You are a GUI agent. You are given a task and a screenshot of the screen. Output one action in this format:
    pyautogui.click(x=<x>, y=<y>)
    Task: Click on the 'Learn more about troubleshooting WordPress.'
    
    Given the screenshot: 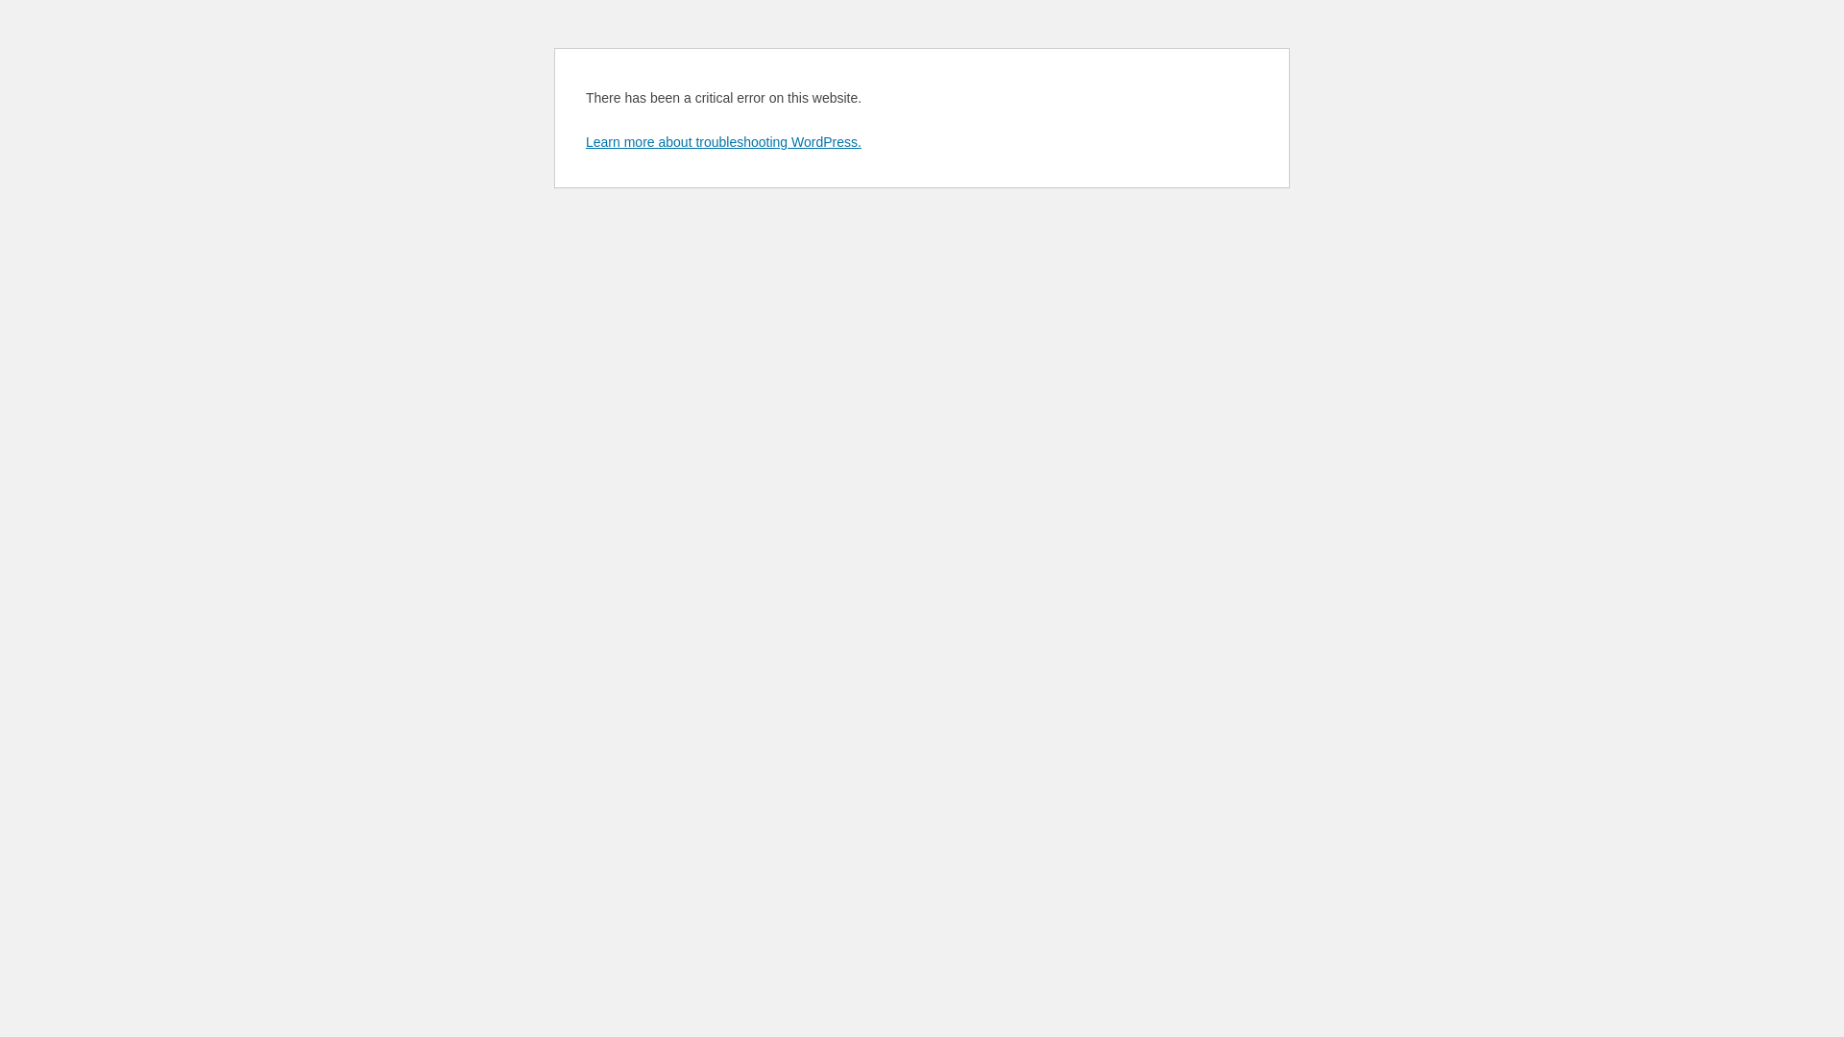 What is the action you would take?
    pyautogui.click(x=722, y=140)
    